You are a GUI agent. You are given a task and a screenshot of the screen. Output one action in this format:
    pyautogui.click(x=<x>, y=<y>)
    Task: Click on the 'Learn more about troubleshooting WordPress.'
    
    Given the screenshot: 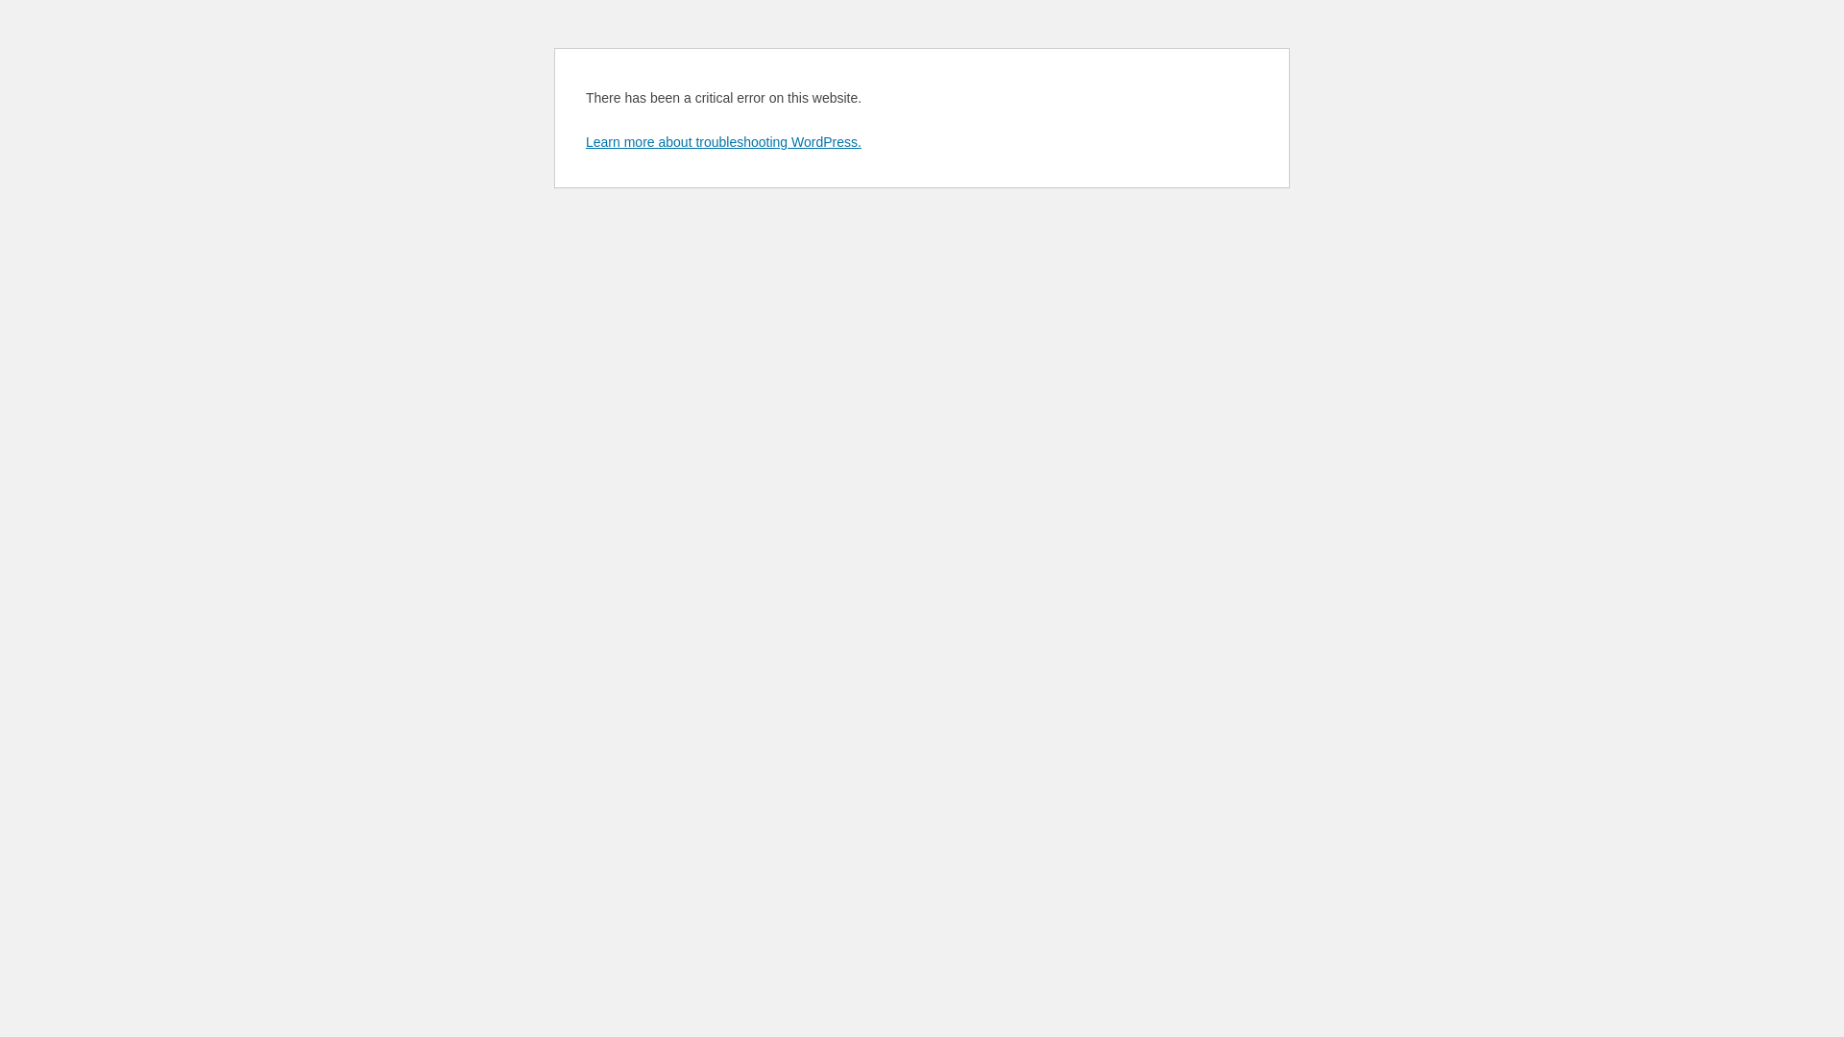 What is the action you would take?
    pyautogui.click(x=722, y=140)
    